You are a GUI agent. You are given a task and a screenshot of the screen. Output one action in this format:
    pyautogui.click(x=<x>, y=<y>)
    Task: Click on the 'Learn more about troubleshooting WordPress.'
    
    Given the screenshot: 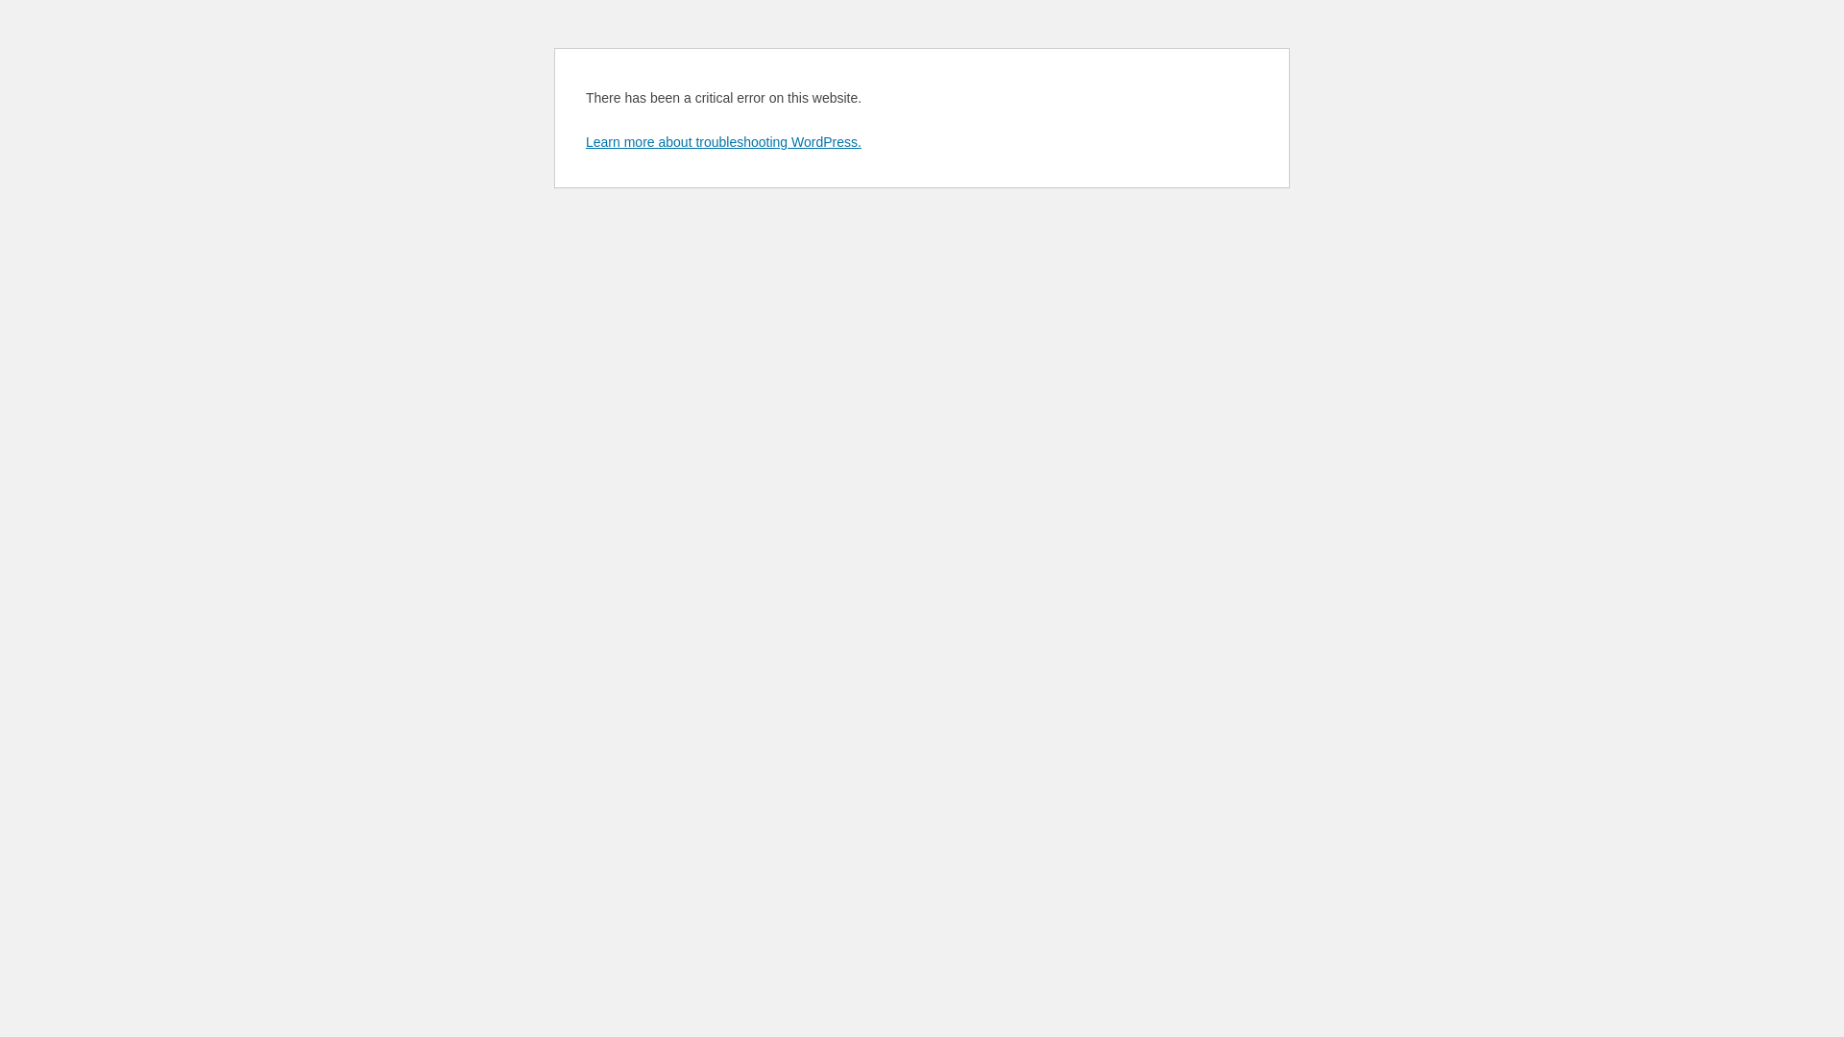 What is the action you would take?
    pyautogui.click(x=722, y=140)
    